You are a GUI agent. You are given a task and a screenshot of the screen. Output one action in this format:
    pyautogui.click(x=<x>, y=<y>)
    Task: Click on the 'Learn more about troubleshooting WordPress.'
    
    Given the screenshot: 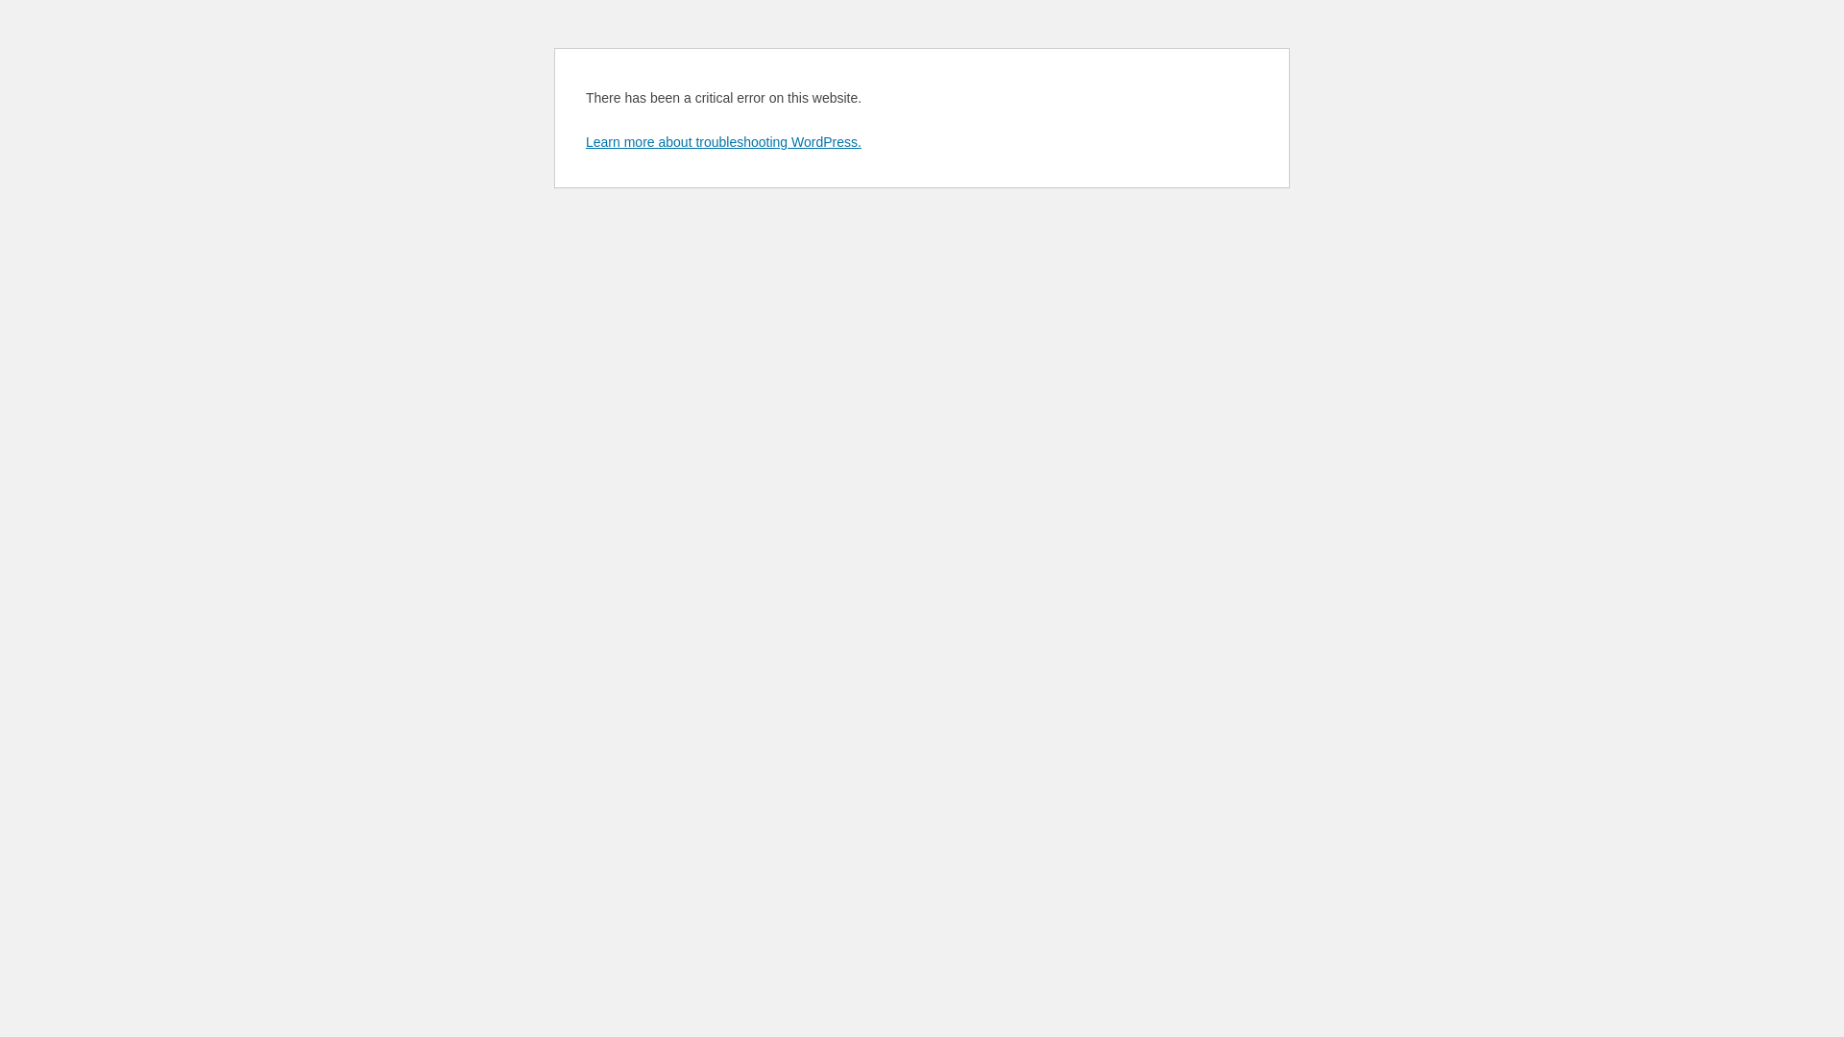 What is the action you would take?
    pyautogui.click(x=722, y=140)
    